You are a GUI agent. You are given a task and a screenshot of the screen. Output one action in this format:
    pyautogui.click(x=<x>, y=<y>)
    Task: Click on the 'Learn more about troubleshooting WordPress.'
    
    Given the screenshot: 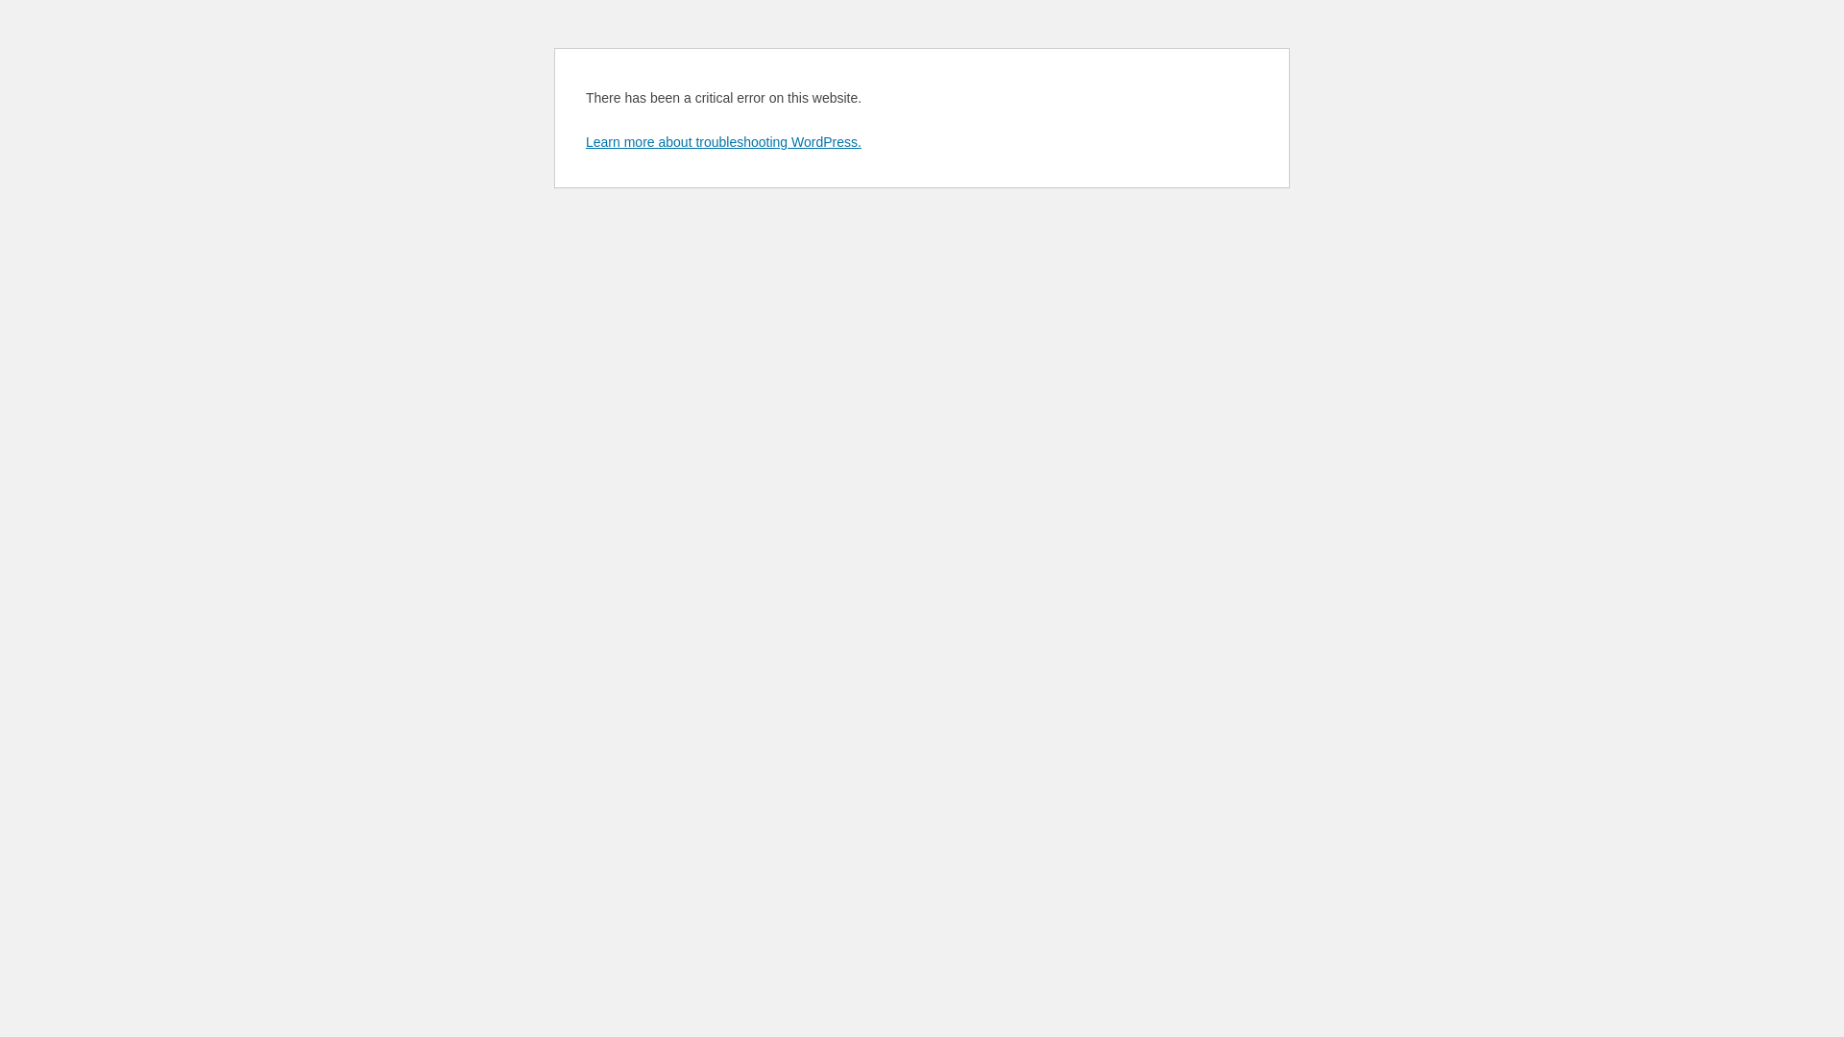 What is the action you would take?
    pyautogui.click(x=722, y=140)
    